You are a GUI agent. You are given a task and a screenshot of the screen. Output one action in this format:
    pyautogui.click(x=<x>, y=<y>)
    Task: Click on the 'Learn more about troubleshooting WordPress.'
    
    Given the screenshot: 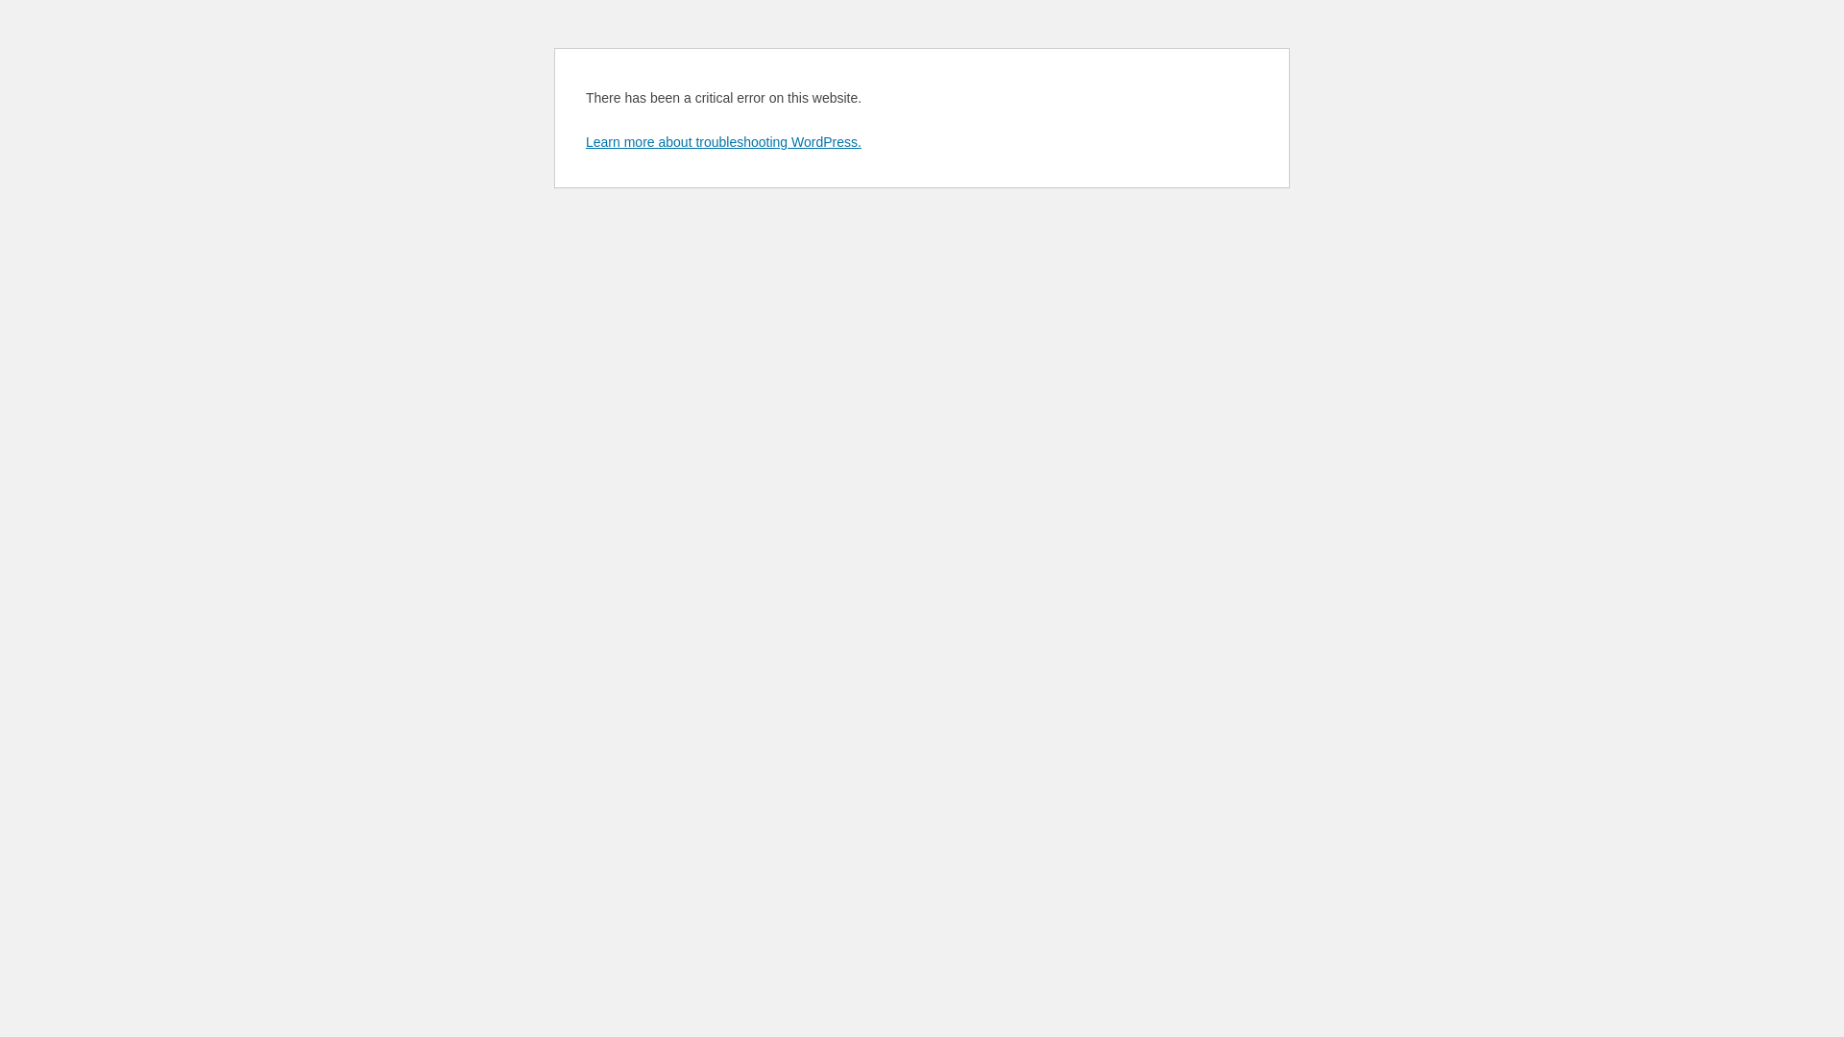 What is the action you would take?
    pyautogui.click(x=722, y=140)
    